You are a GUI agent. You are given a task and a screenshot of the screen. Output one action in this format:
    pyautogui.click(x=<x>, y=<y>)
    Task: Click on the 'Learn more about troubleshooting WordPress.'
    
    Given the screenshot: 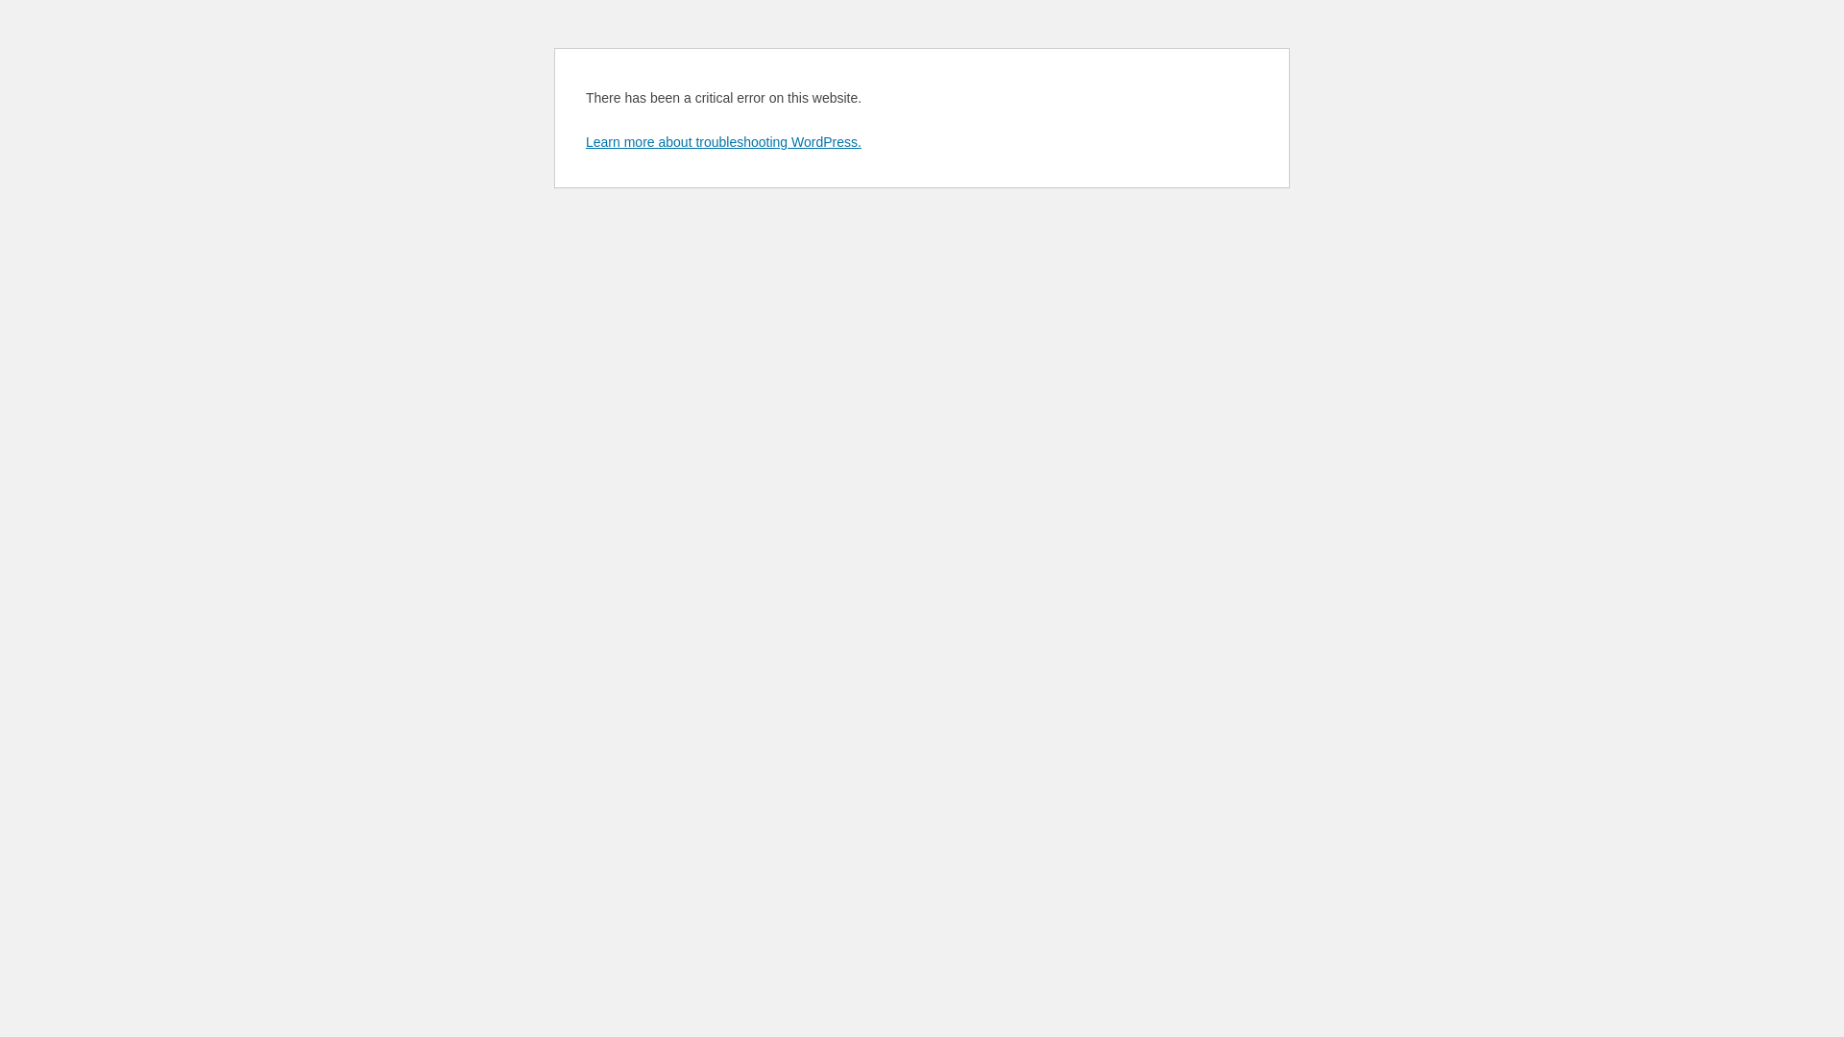 What is the action you would take?
    pyautogui.click(x=722, y=140)
    